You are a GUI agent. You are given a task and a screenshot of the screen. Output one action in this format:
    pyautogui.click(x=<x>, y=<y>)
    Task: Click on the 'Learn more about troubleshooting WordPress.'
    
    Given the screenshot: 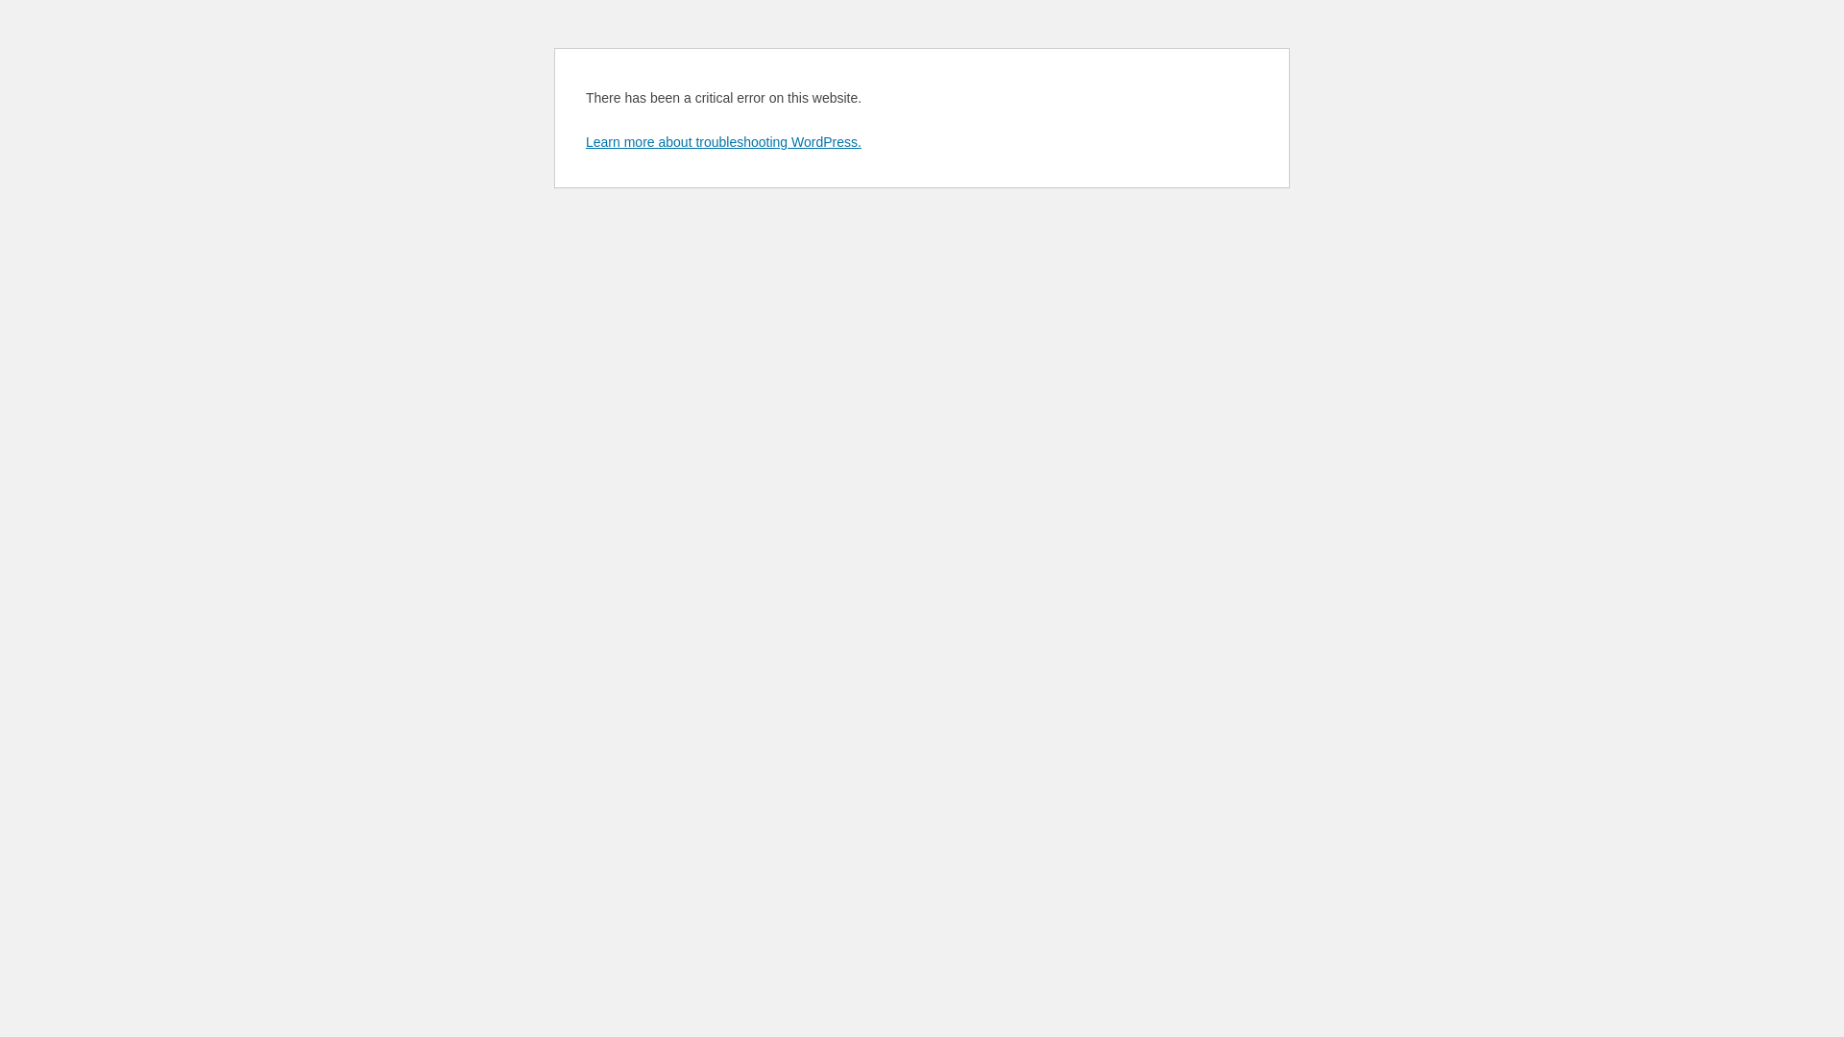 What is the action you would take?
    pyautogui.click(x=722, y=140)
    